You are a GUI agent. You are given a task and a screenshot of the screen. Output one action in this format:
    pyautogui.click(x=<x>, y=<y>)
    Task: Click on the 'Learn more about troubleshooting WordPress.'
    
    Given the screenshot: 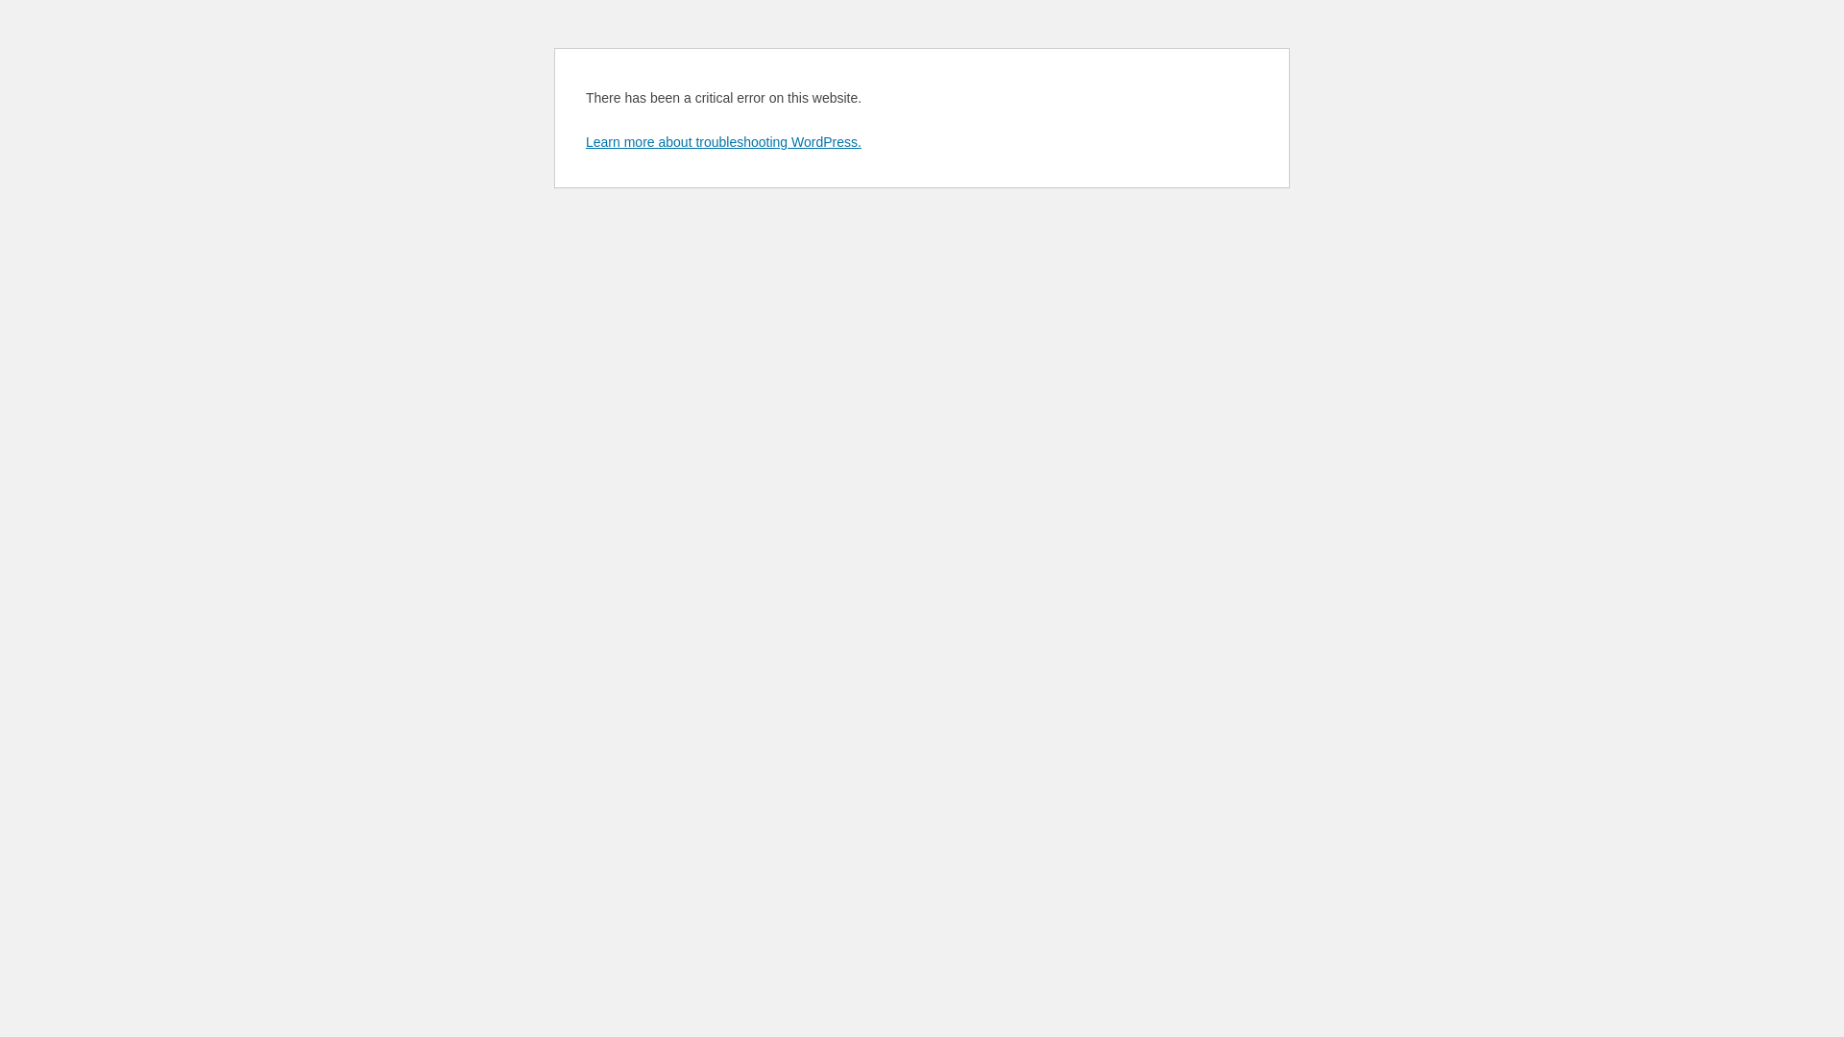 What is the action you would take?
    pyautogui.click(x=722, y=140)
    